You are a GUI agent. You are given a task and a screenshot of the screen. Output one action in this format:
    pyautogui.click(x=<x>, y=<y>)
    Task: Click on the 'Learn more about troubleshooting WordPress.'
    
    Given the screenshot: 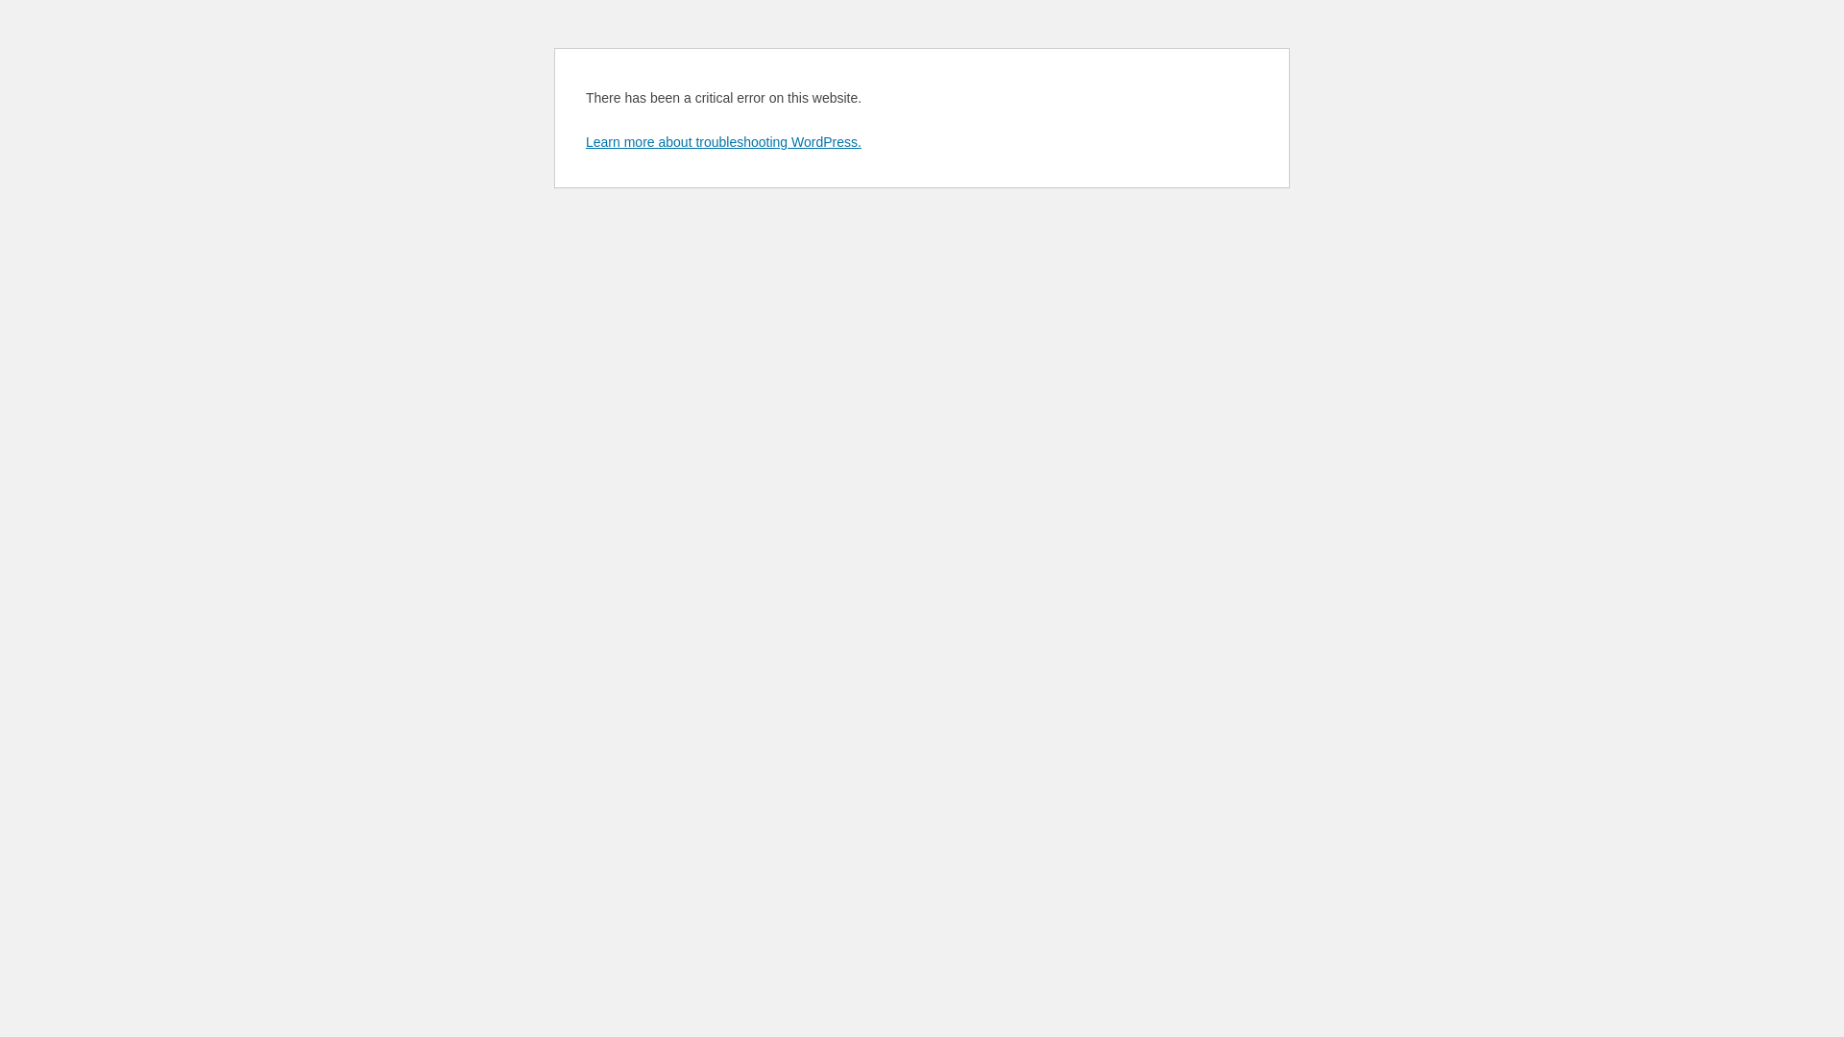 What is the action you would take?
    pyautogui.click(x=722, y=140)
    